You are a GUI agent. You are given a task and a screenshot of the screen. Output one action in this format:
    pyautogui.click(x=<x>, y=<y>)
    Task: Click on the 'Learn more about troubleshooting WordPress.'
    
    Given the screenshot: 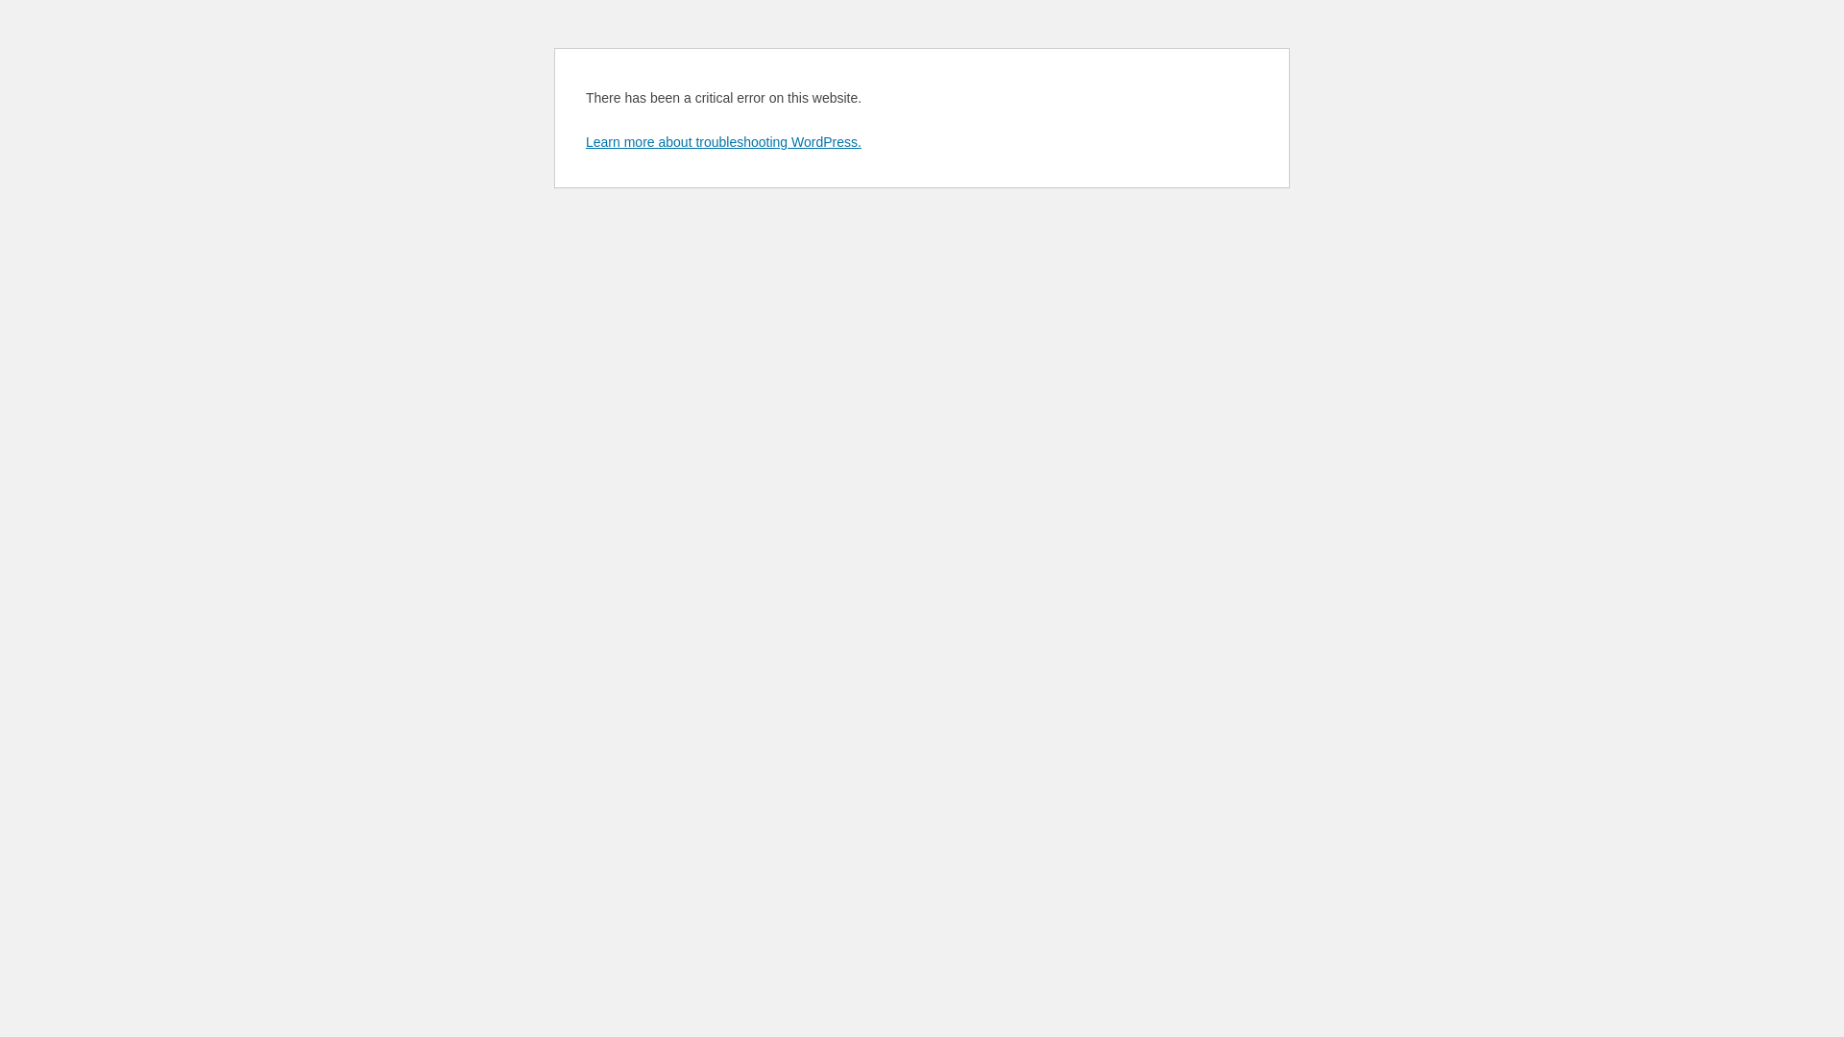 What is the action you would take?
    pyautogui.click(x=722, y=140)
    